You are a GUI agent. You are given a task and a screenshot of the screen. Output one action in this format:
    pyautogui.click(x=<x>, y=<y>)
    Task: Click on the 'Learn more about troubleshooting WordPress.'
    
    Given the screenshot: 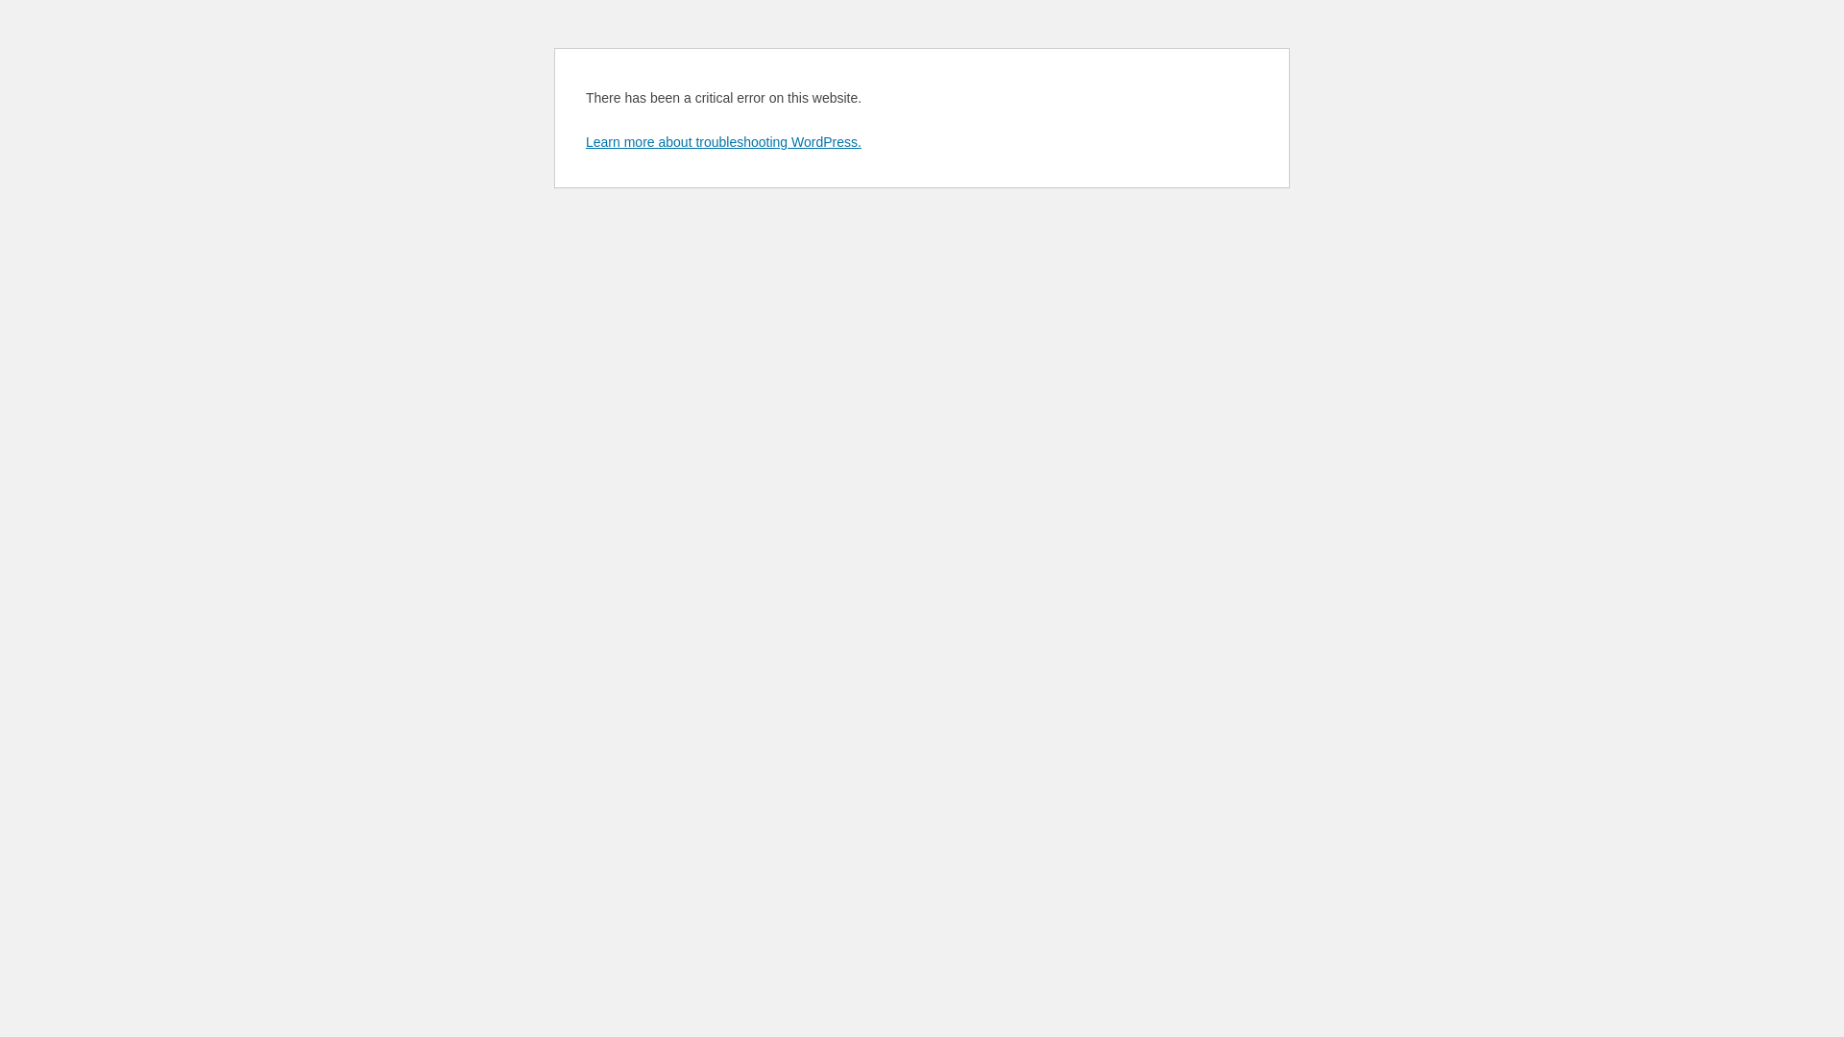 What is the action you would take?
    pyautogui.click(x=722, y=140)
    